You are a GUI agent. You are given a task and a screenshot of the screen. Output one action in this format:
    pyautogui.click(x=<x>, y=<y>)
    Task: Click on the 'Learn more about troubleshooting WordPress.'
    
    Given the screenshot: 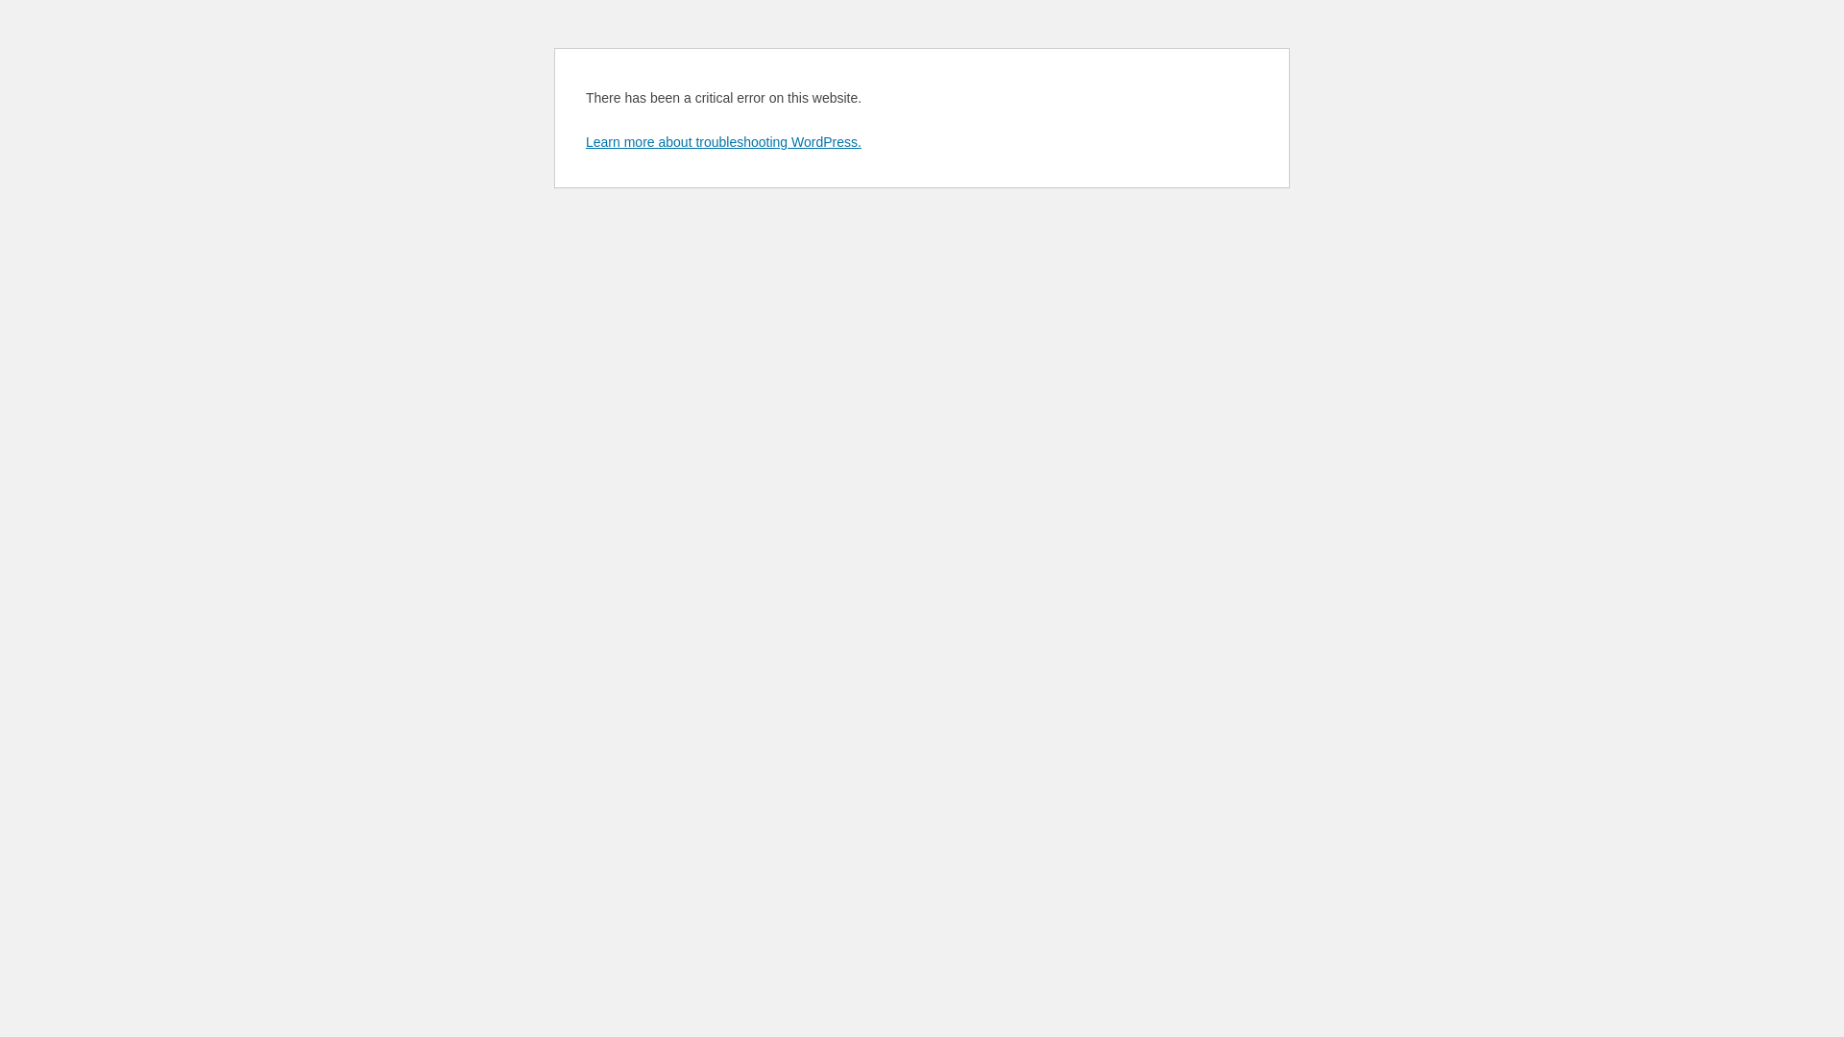 What is the action you would take?
    pyautogui.click(x=722, y=140)
    